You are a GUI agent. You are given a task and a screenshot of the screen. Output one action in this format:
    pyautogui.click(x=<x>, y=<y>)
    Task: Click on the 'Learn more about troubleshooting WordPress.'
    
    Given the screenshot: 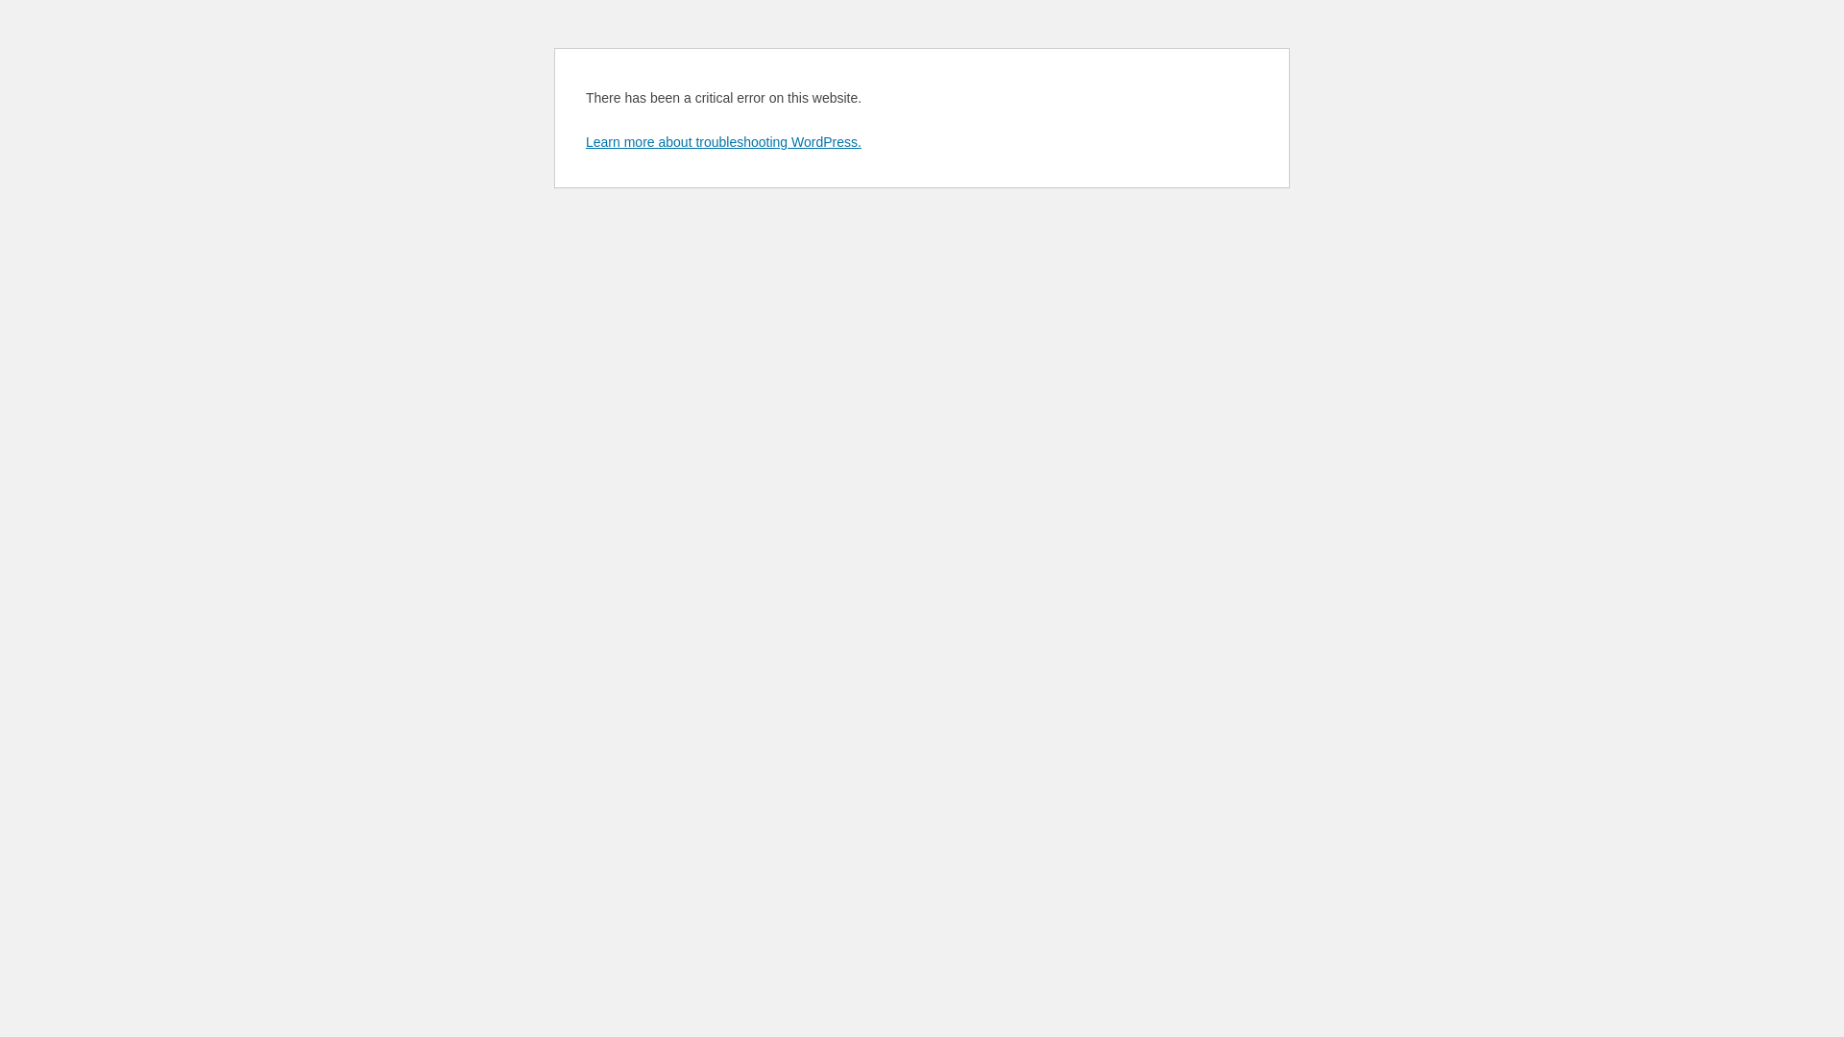 What is the action you would take?
    pyautogui.click(x=722, y=140)
    